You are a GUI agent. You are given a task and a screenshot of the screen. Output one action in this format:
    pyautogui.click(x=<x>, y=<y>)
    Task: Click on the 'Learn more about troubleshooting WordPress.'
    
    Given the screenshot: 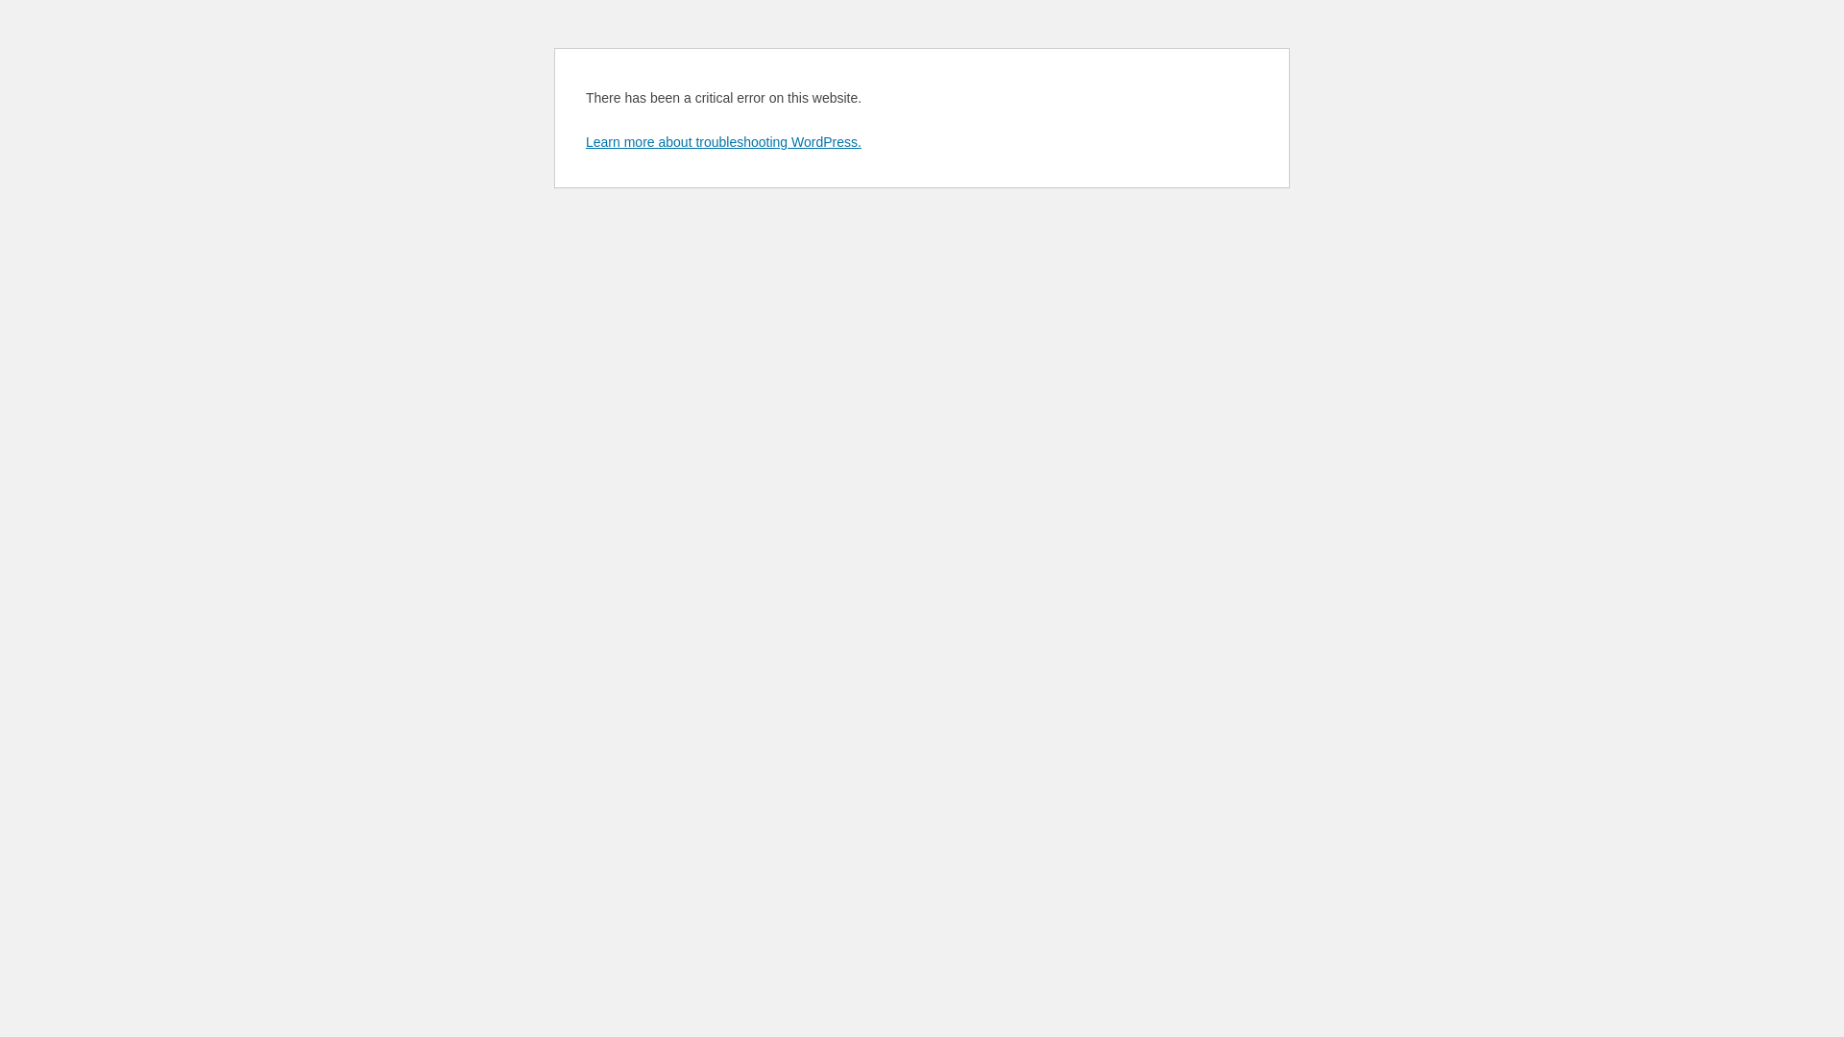 What is the action you would take?
    pyautogui.click(x=722, y=140)
    